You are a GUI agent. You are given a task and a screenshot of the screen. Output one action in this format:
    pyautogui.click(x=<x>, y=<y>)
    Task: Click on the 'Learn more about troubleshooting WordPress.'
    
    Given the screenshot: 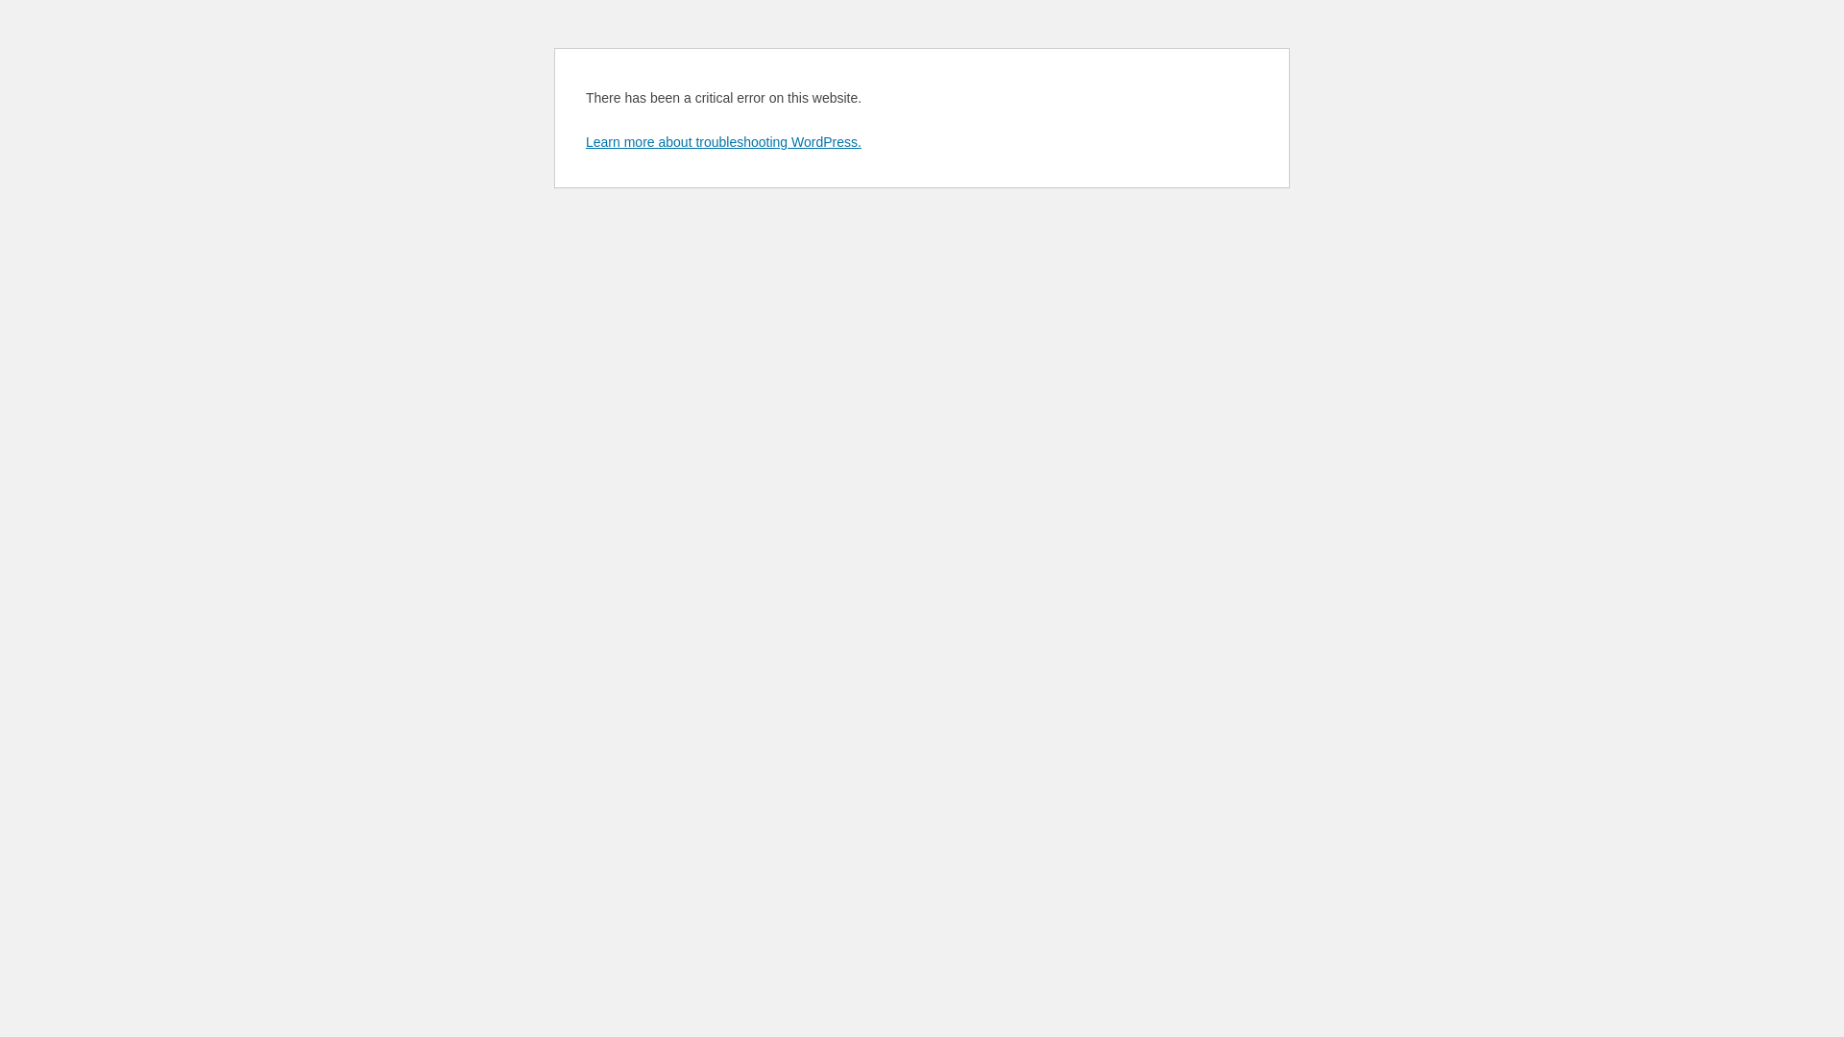 What is the action you would take?
    pyautogui.click(x=722, y=140)
    